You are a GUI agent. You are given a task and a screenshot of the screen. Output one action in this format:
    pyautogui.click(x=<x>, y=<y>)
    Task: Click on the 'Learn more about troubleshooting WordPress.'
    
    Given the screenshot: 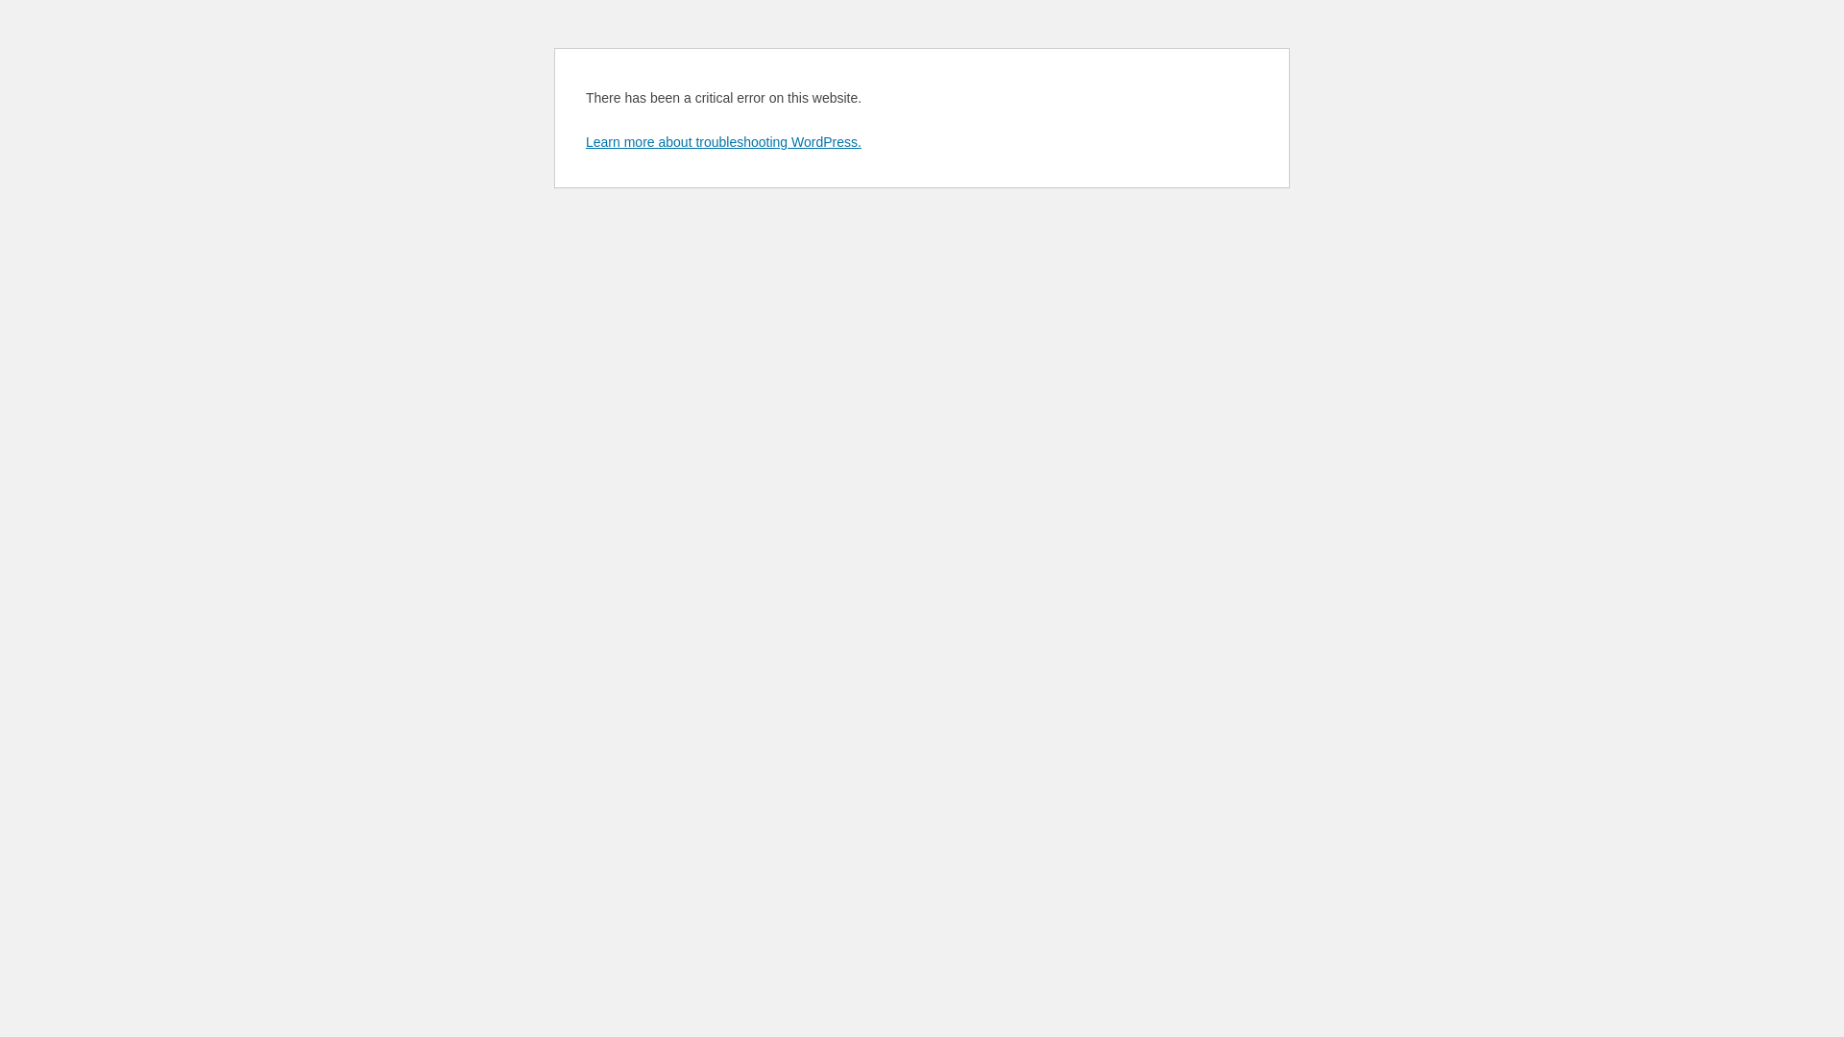 What is the action you would take?
    pyautogui.click(x=722, y=140)
    